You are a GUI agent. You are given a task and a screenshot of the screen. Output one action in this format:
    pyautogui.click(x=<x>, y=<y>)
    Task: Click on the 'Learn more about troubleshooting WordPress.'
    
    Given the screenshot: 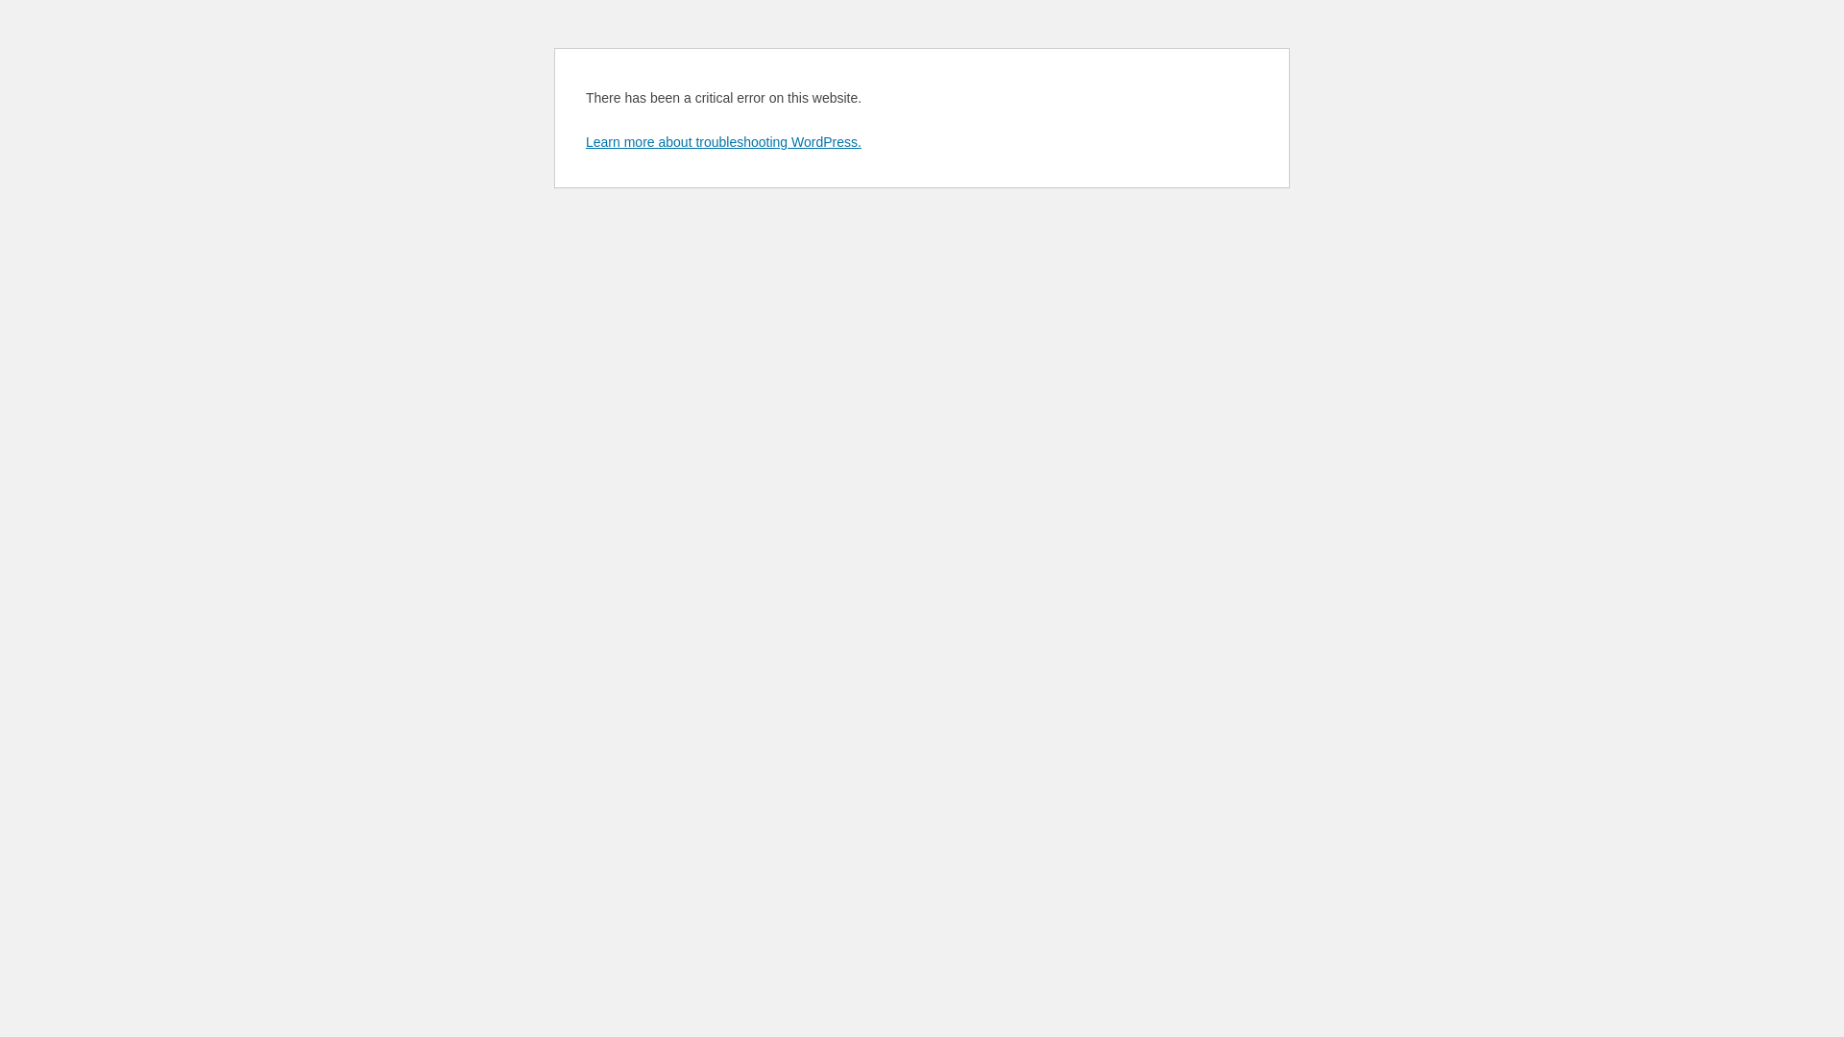 What is the action you would take?
    pyautogui.click(x=722, y=140)
    